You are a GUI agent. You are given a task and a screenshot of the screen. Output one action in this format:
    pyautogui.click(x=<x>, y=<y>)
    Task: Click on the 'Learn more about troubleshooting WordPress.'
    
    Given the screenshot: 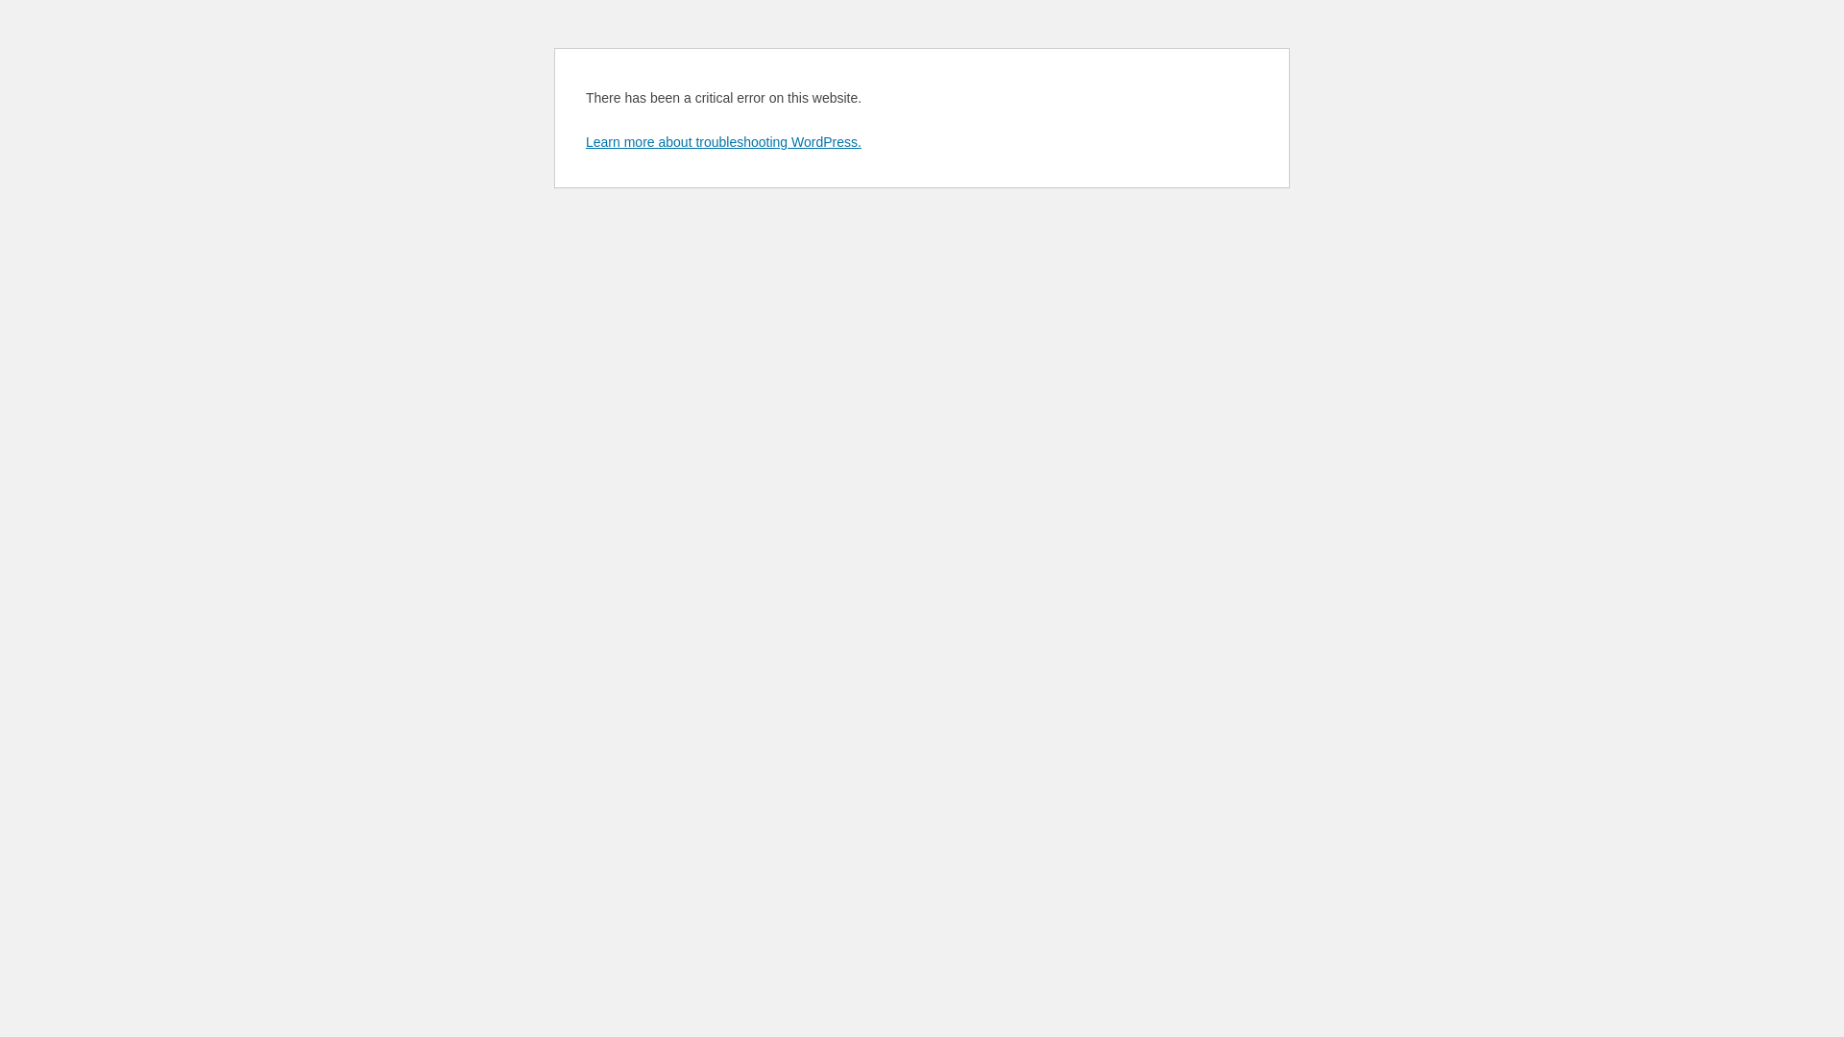 What is the action you would take?
    pyautogui.click(x=722, y=140)
    